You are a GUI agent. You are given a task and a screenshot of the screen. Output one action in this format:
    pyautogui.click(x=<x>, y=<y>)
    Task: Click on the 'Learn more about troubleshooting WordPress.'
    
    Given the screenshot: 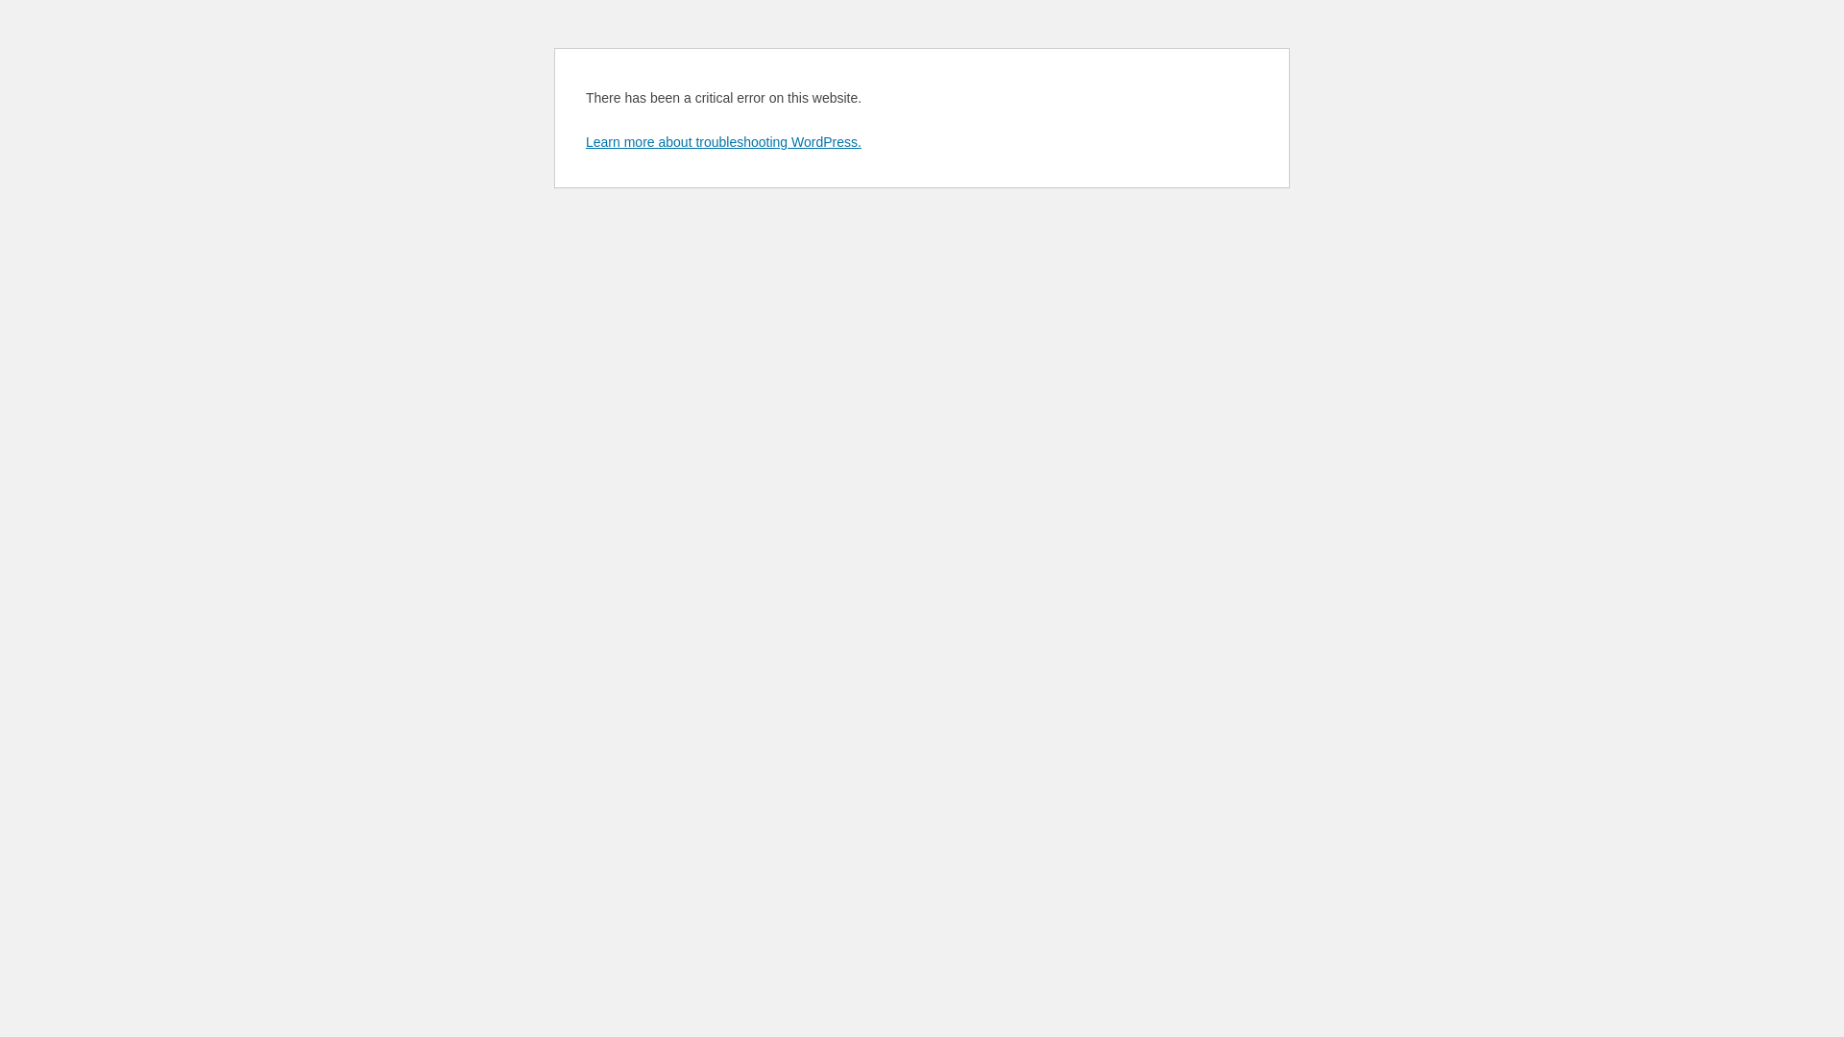 What is the action you would take?
    pyautogui.click(x=722, y=140)
    